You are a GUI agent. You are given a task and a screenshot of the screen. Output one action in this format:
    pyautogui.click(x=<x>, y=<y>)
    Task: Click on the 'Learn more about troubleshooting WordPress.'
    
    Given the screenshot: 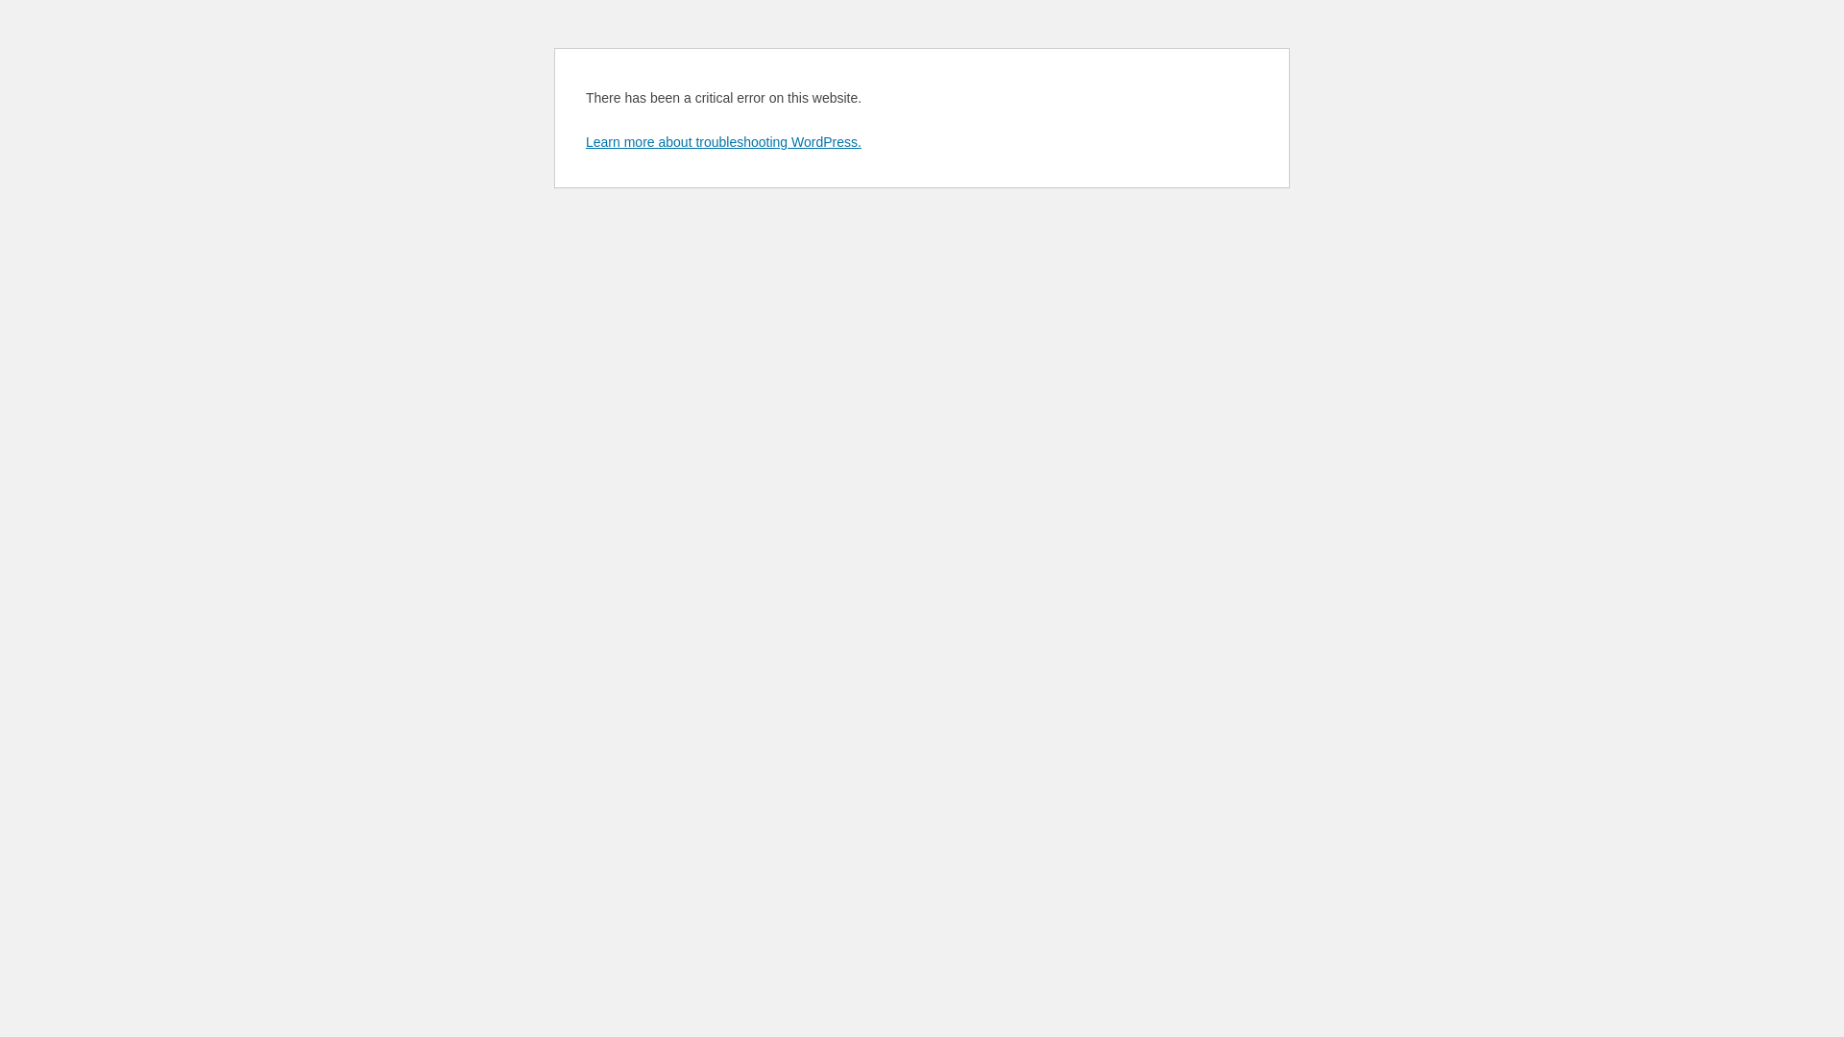 What is the action you would take?
    pyautogui.click(x=722, y=140)
    